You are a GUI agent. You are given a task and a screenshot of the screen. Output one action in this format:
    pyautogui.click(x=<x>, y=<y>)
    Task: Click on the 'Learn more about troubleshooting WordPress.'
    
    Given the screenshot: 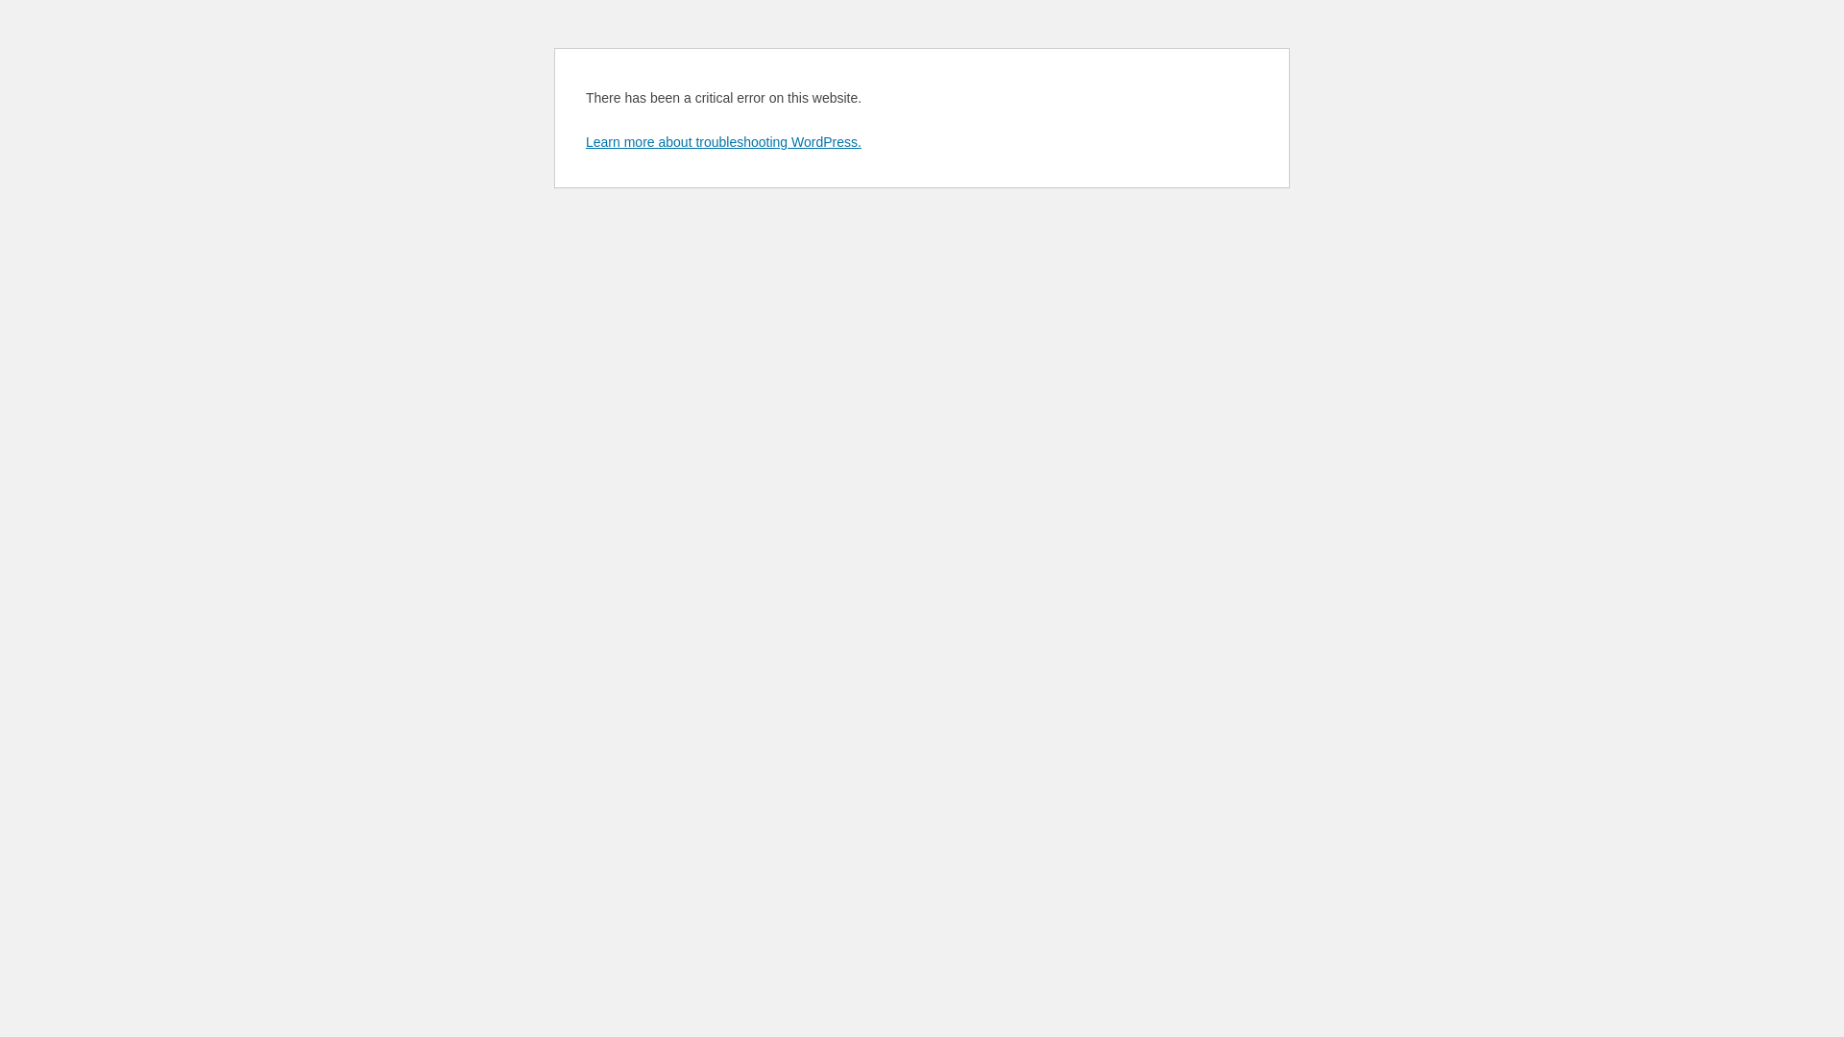 What is the action you would take?
    pyautogui.click(x=722, y=140)
    